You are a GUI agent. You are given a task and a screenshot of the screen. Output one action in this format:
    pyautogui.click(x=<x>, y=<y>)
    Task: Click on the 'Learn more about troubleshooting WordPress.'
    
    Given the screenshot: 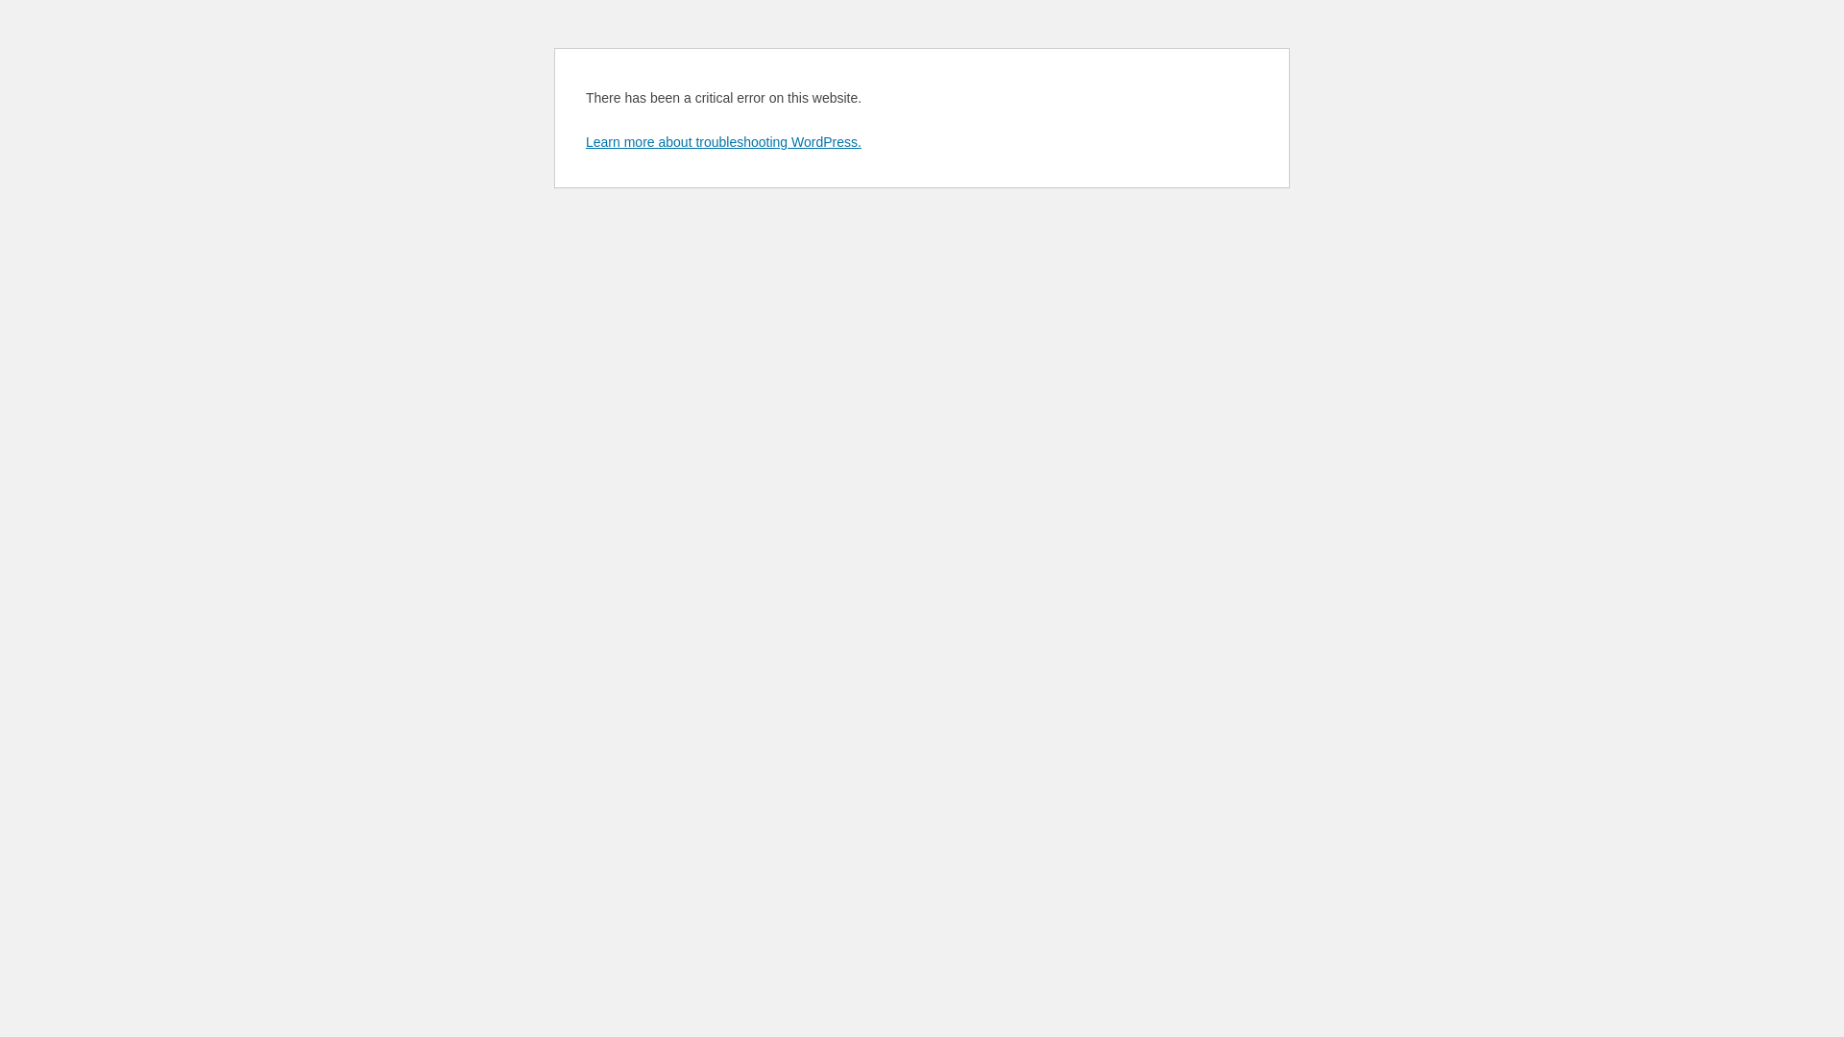 What is the action you would take?
    pyautogui.click(x=722, y=140)
    